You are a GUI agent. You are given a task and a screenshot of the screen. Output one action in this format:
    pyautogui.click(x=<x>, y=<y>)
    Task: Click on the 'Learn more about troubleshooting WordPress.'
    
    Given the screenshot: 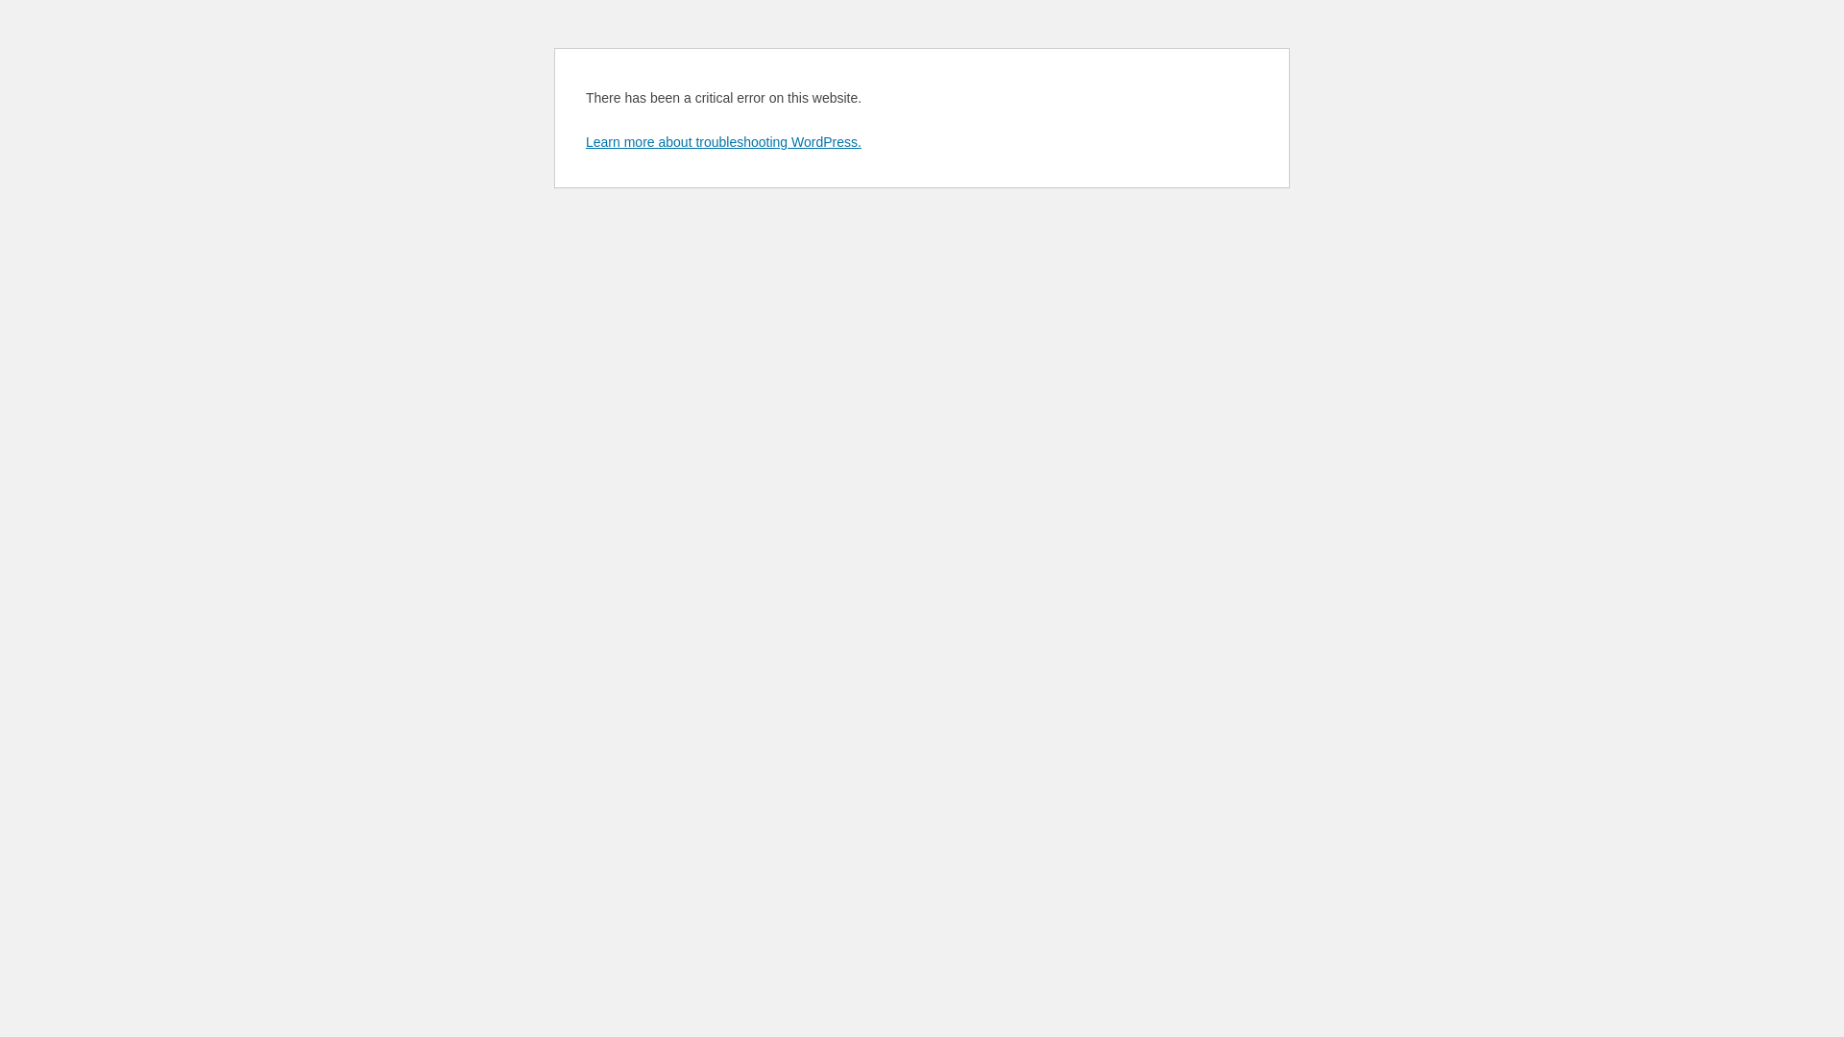 What is the action you would take?
    pyautogui.click(x=722, y=140)
    